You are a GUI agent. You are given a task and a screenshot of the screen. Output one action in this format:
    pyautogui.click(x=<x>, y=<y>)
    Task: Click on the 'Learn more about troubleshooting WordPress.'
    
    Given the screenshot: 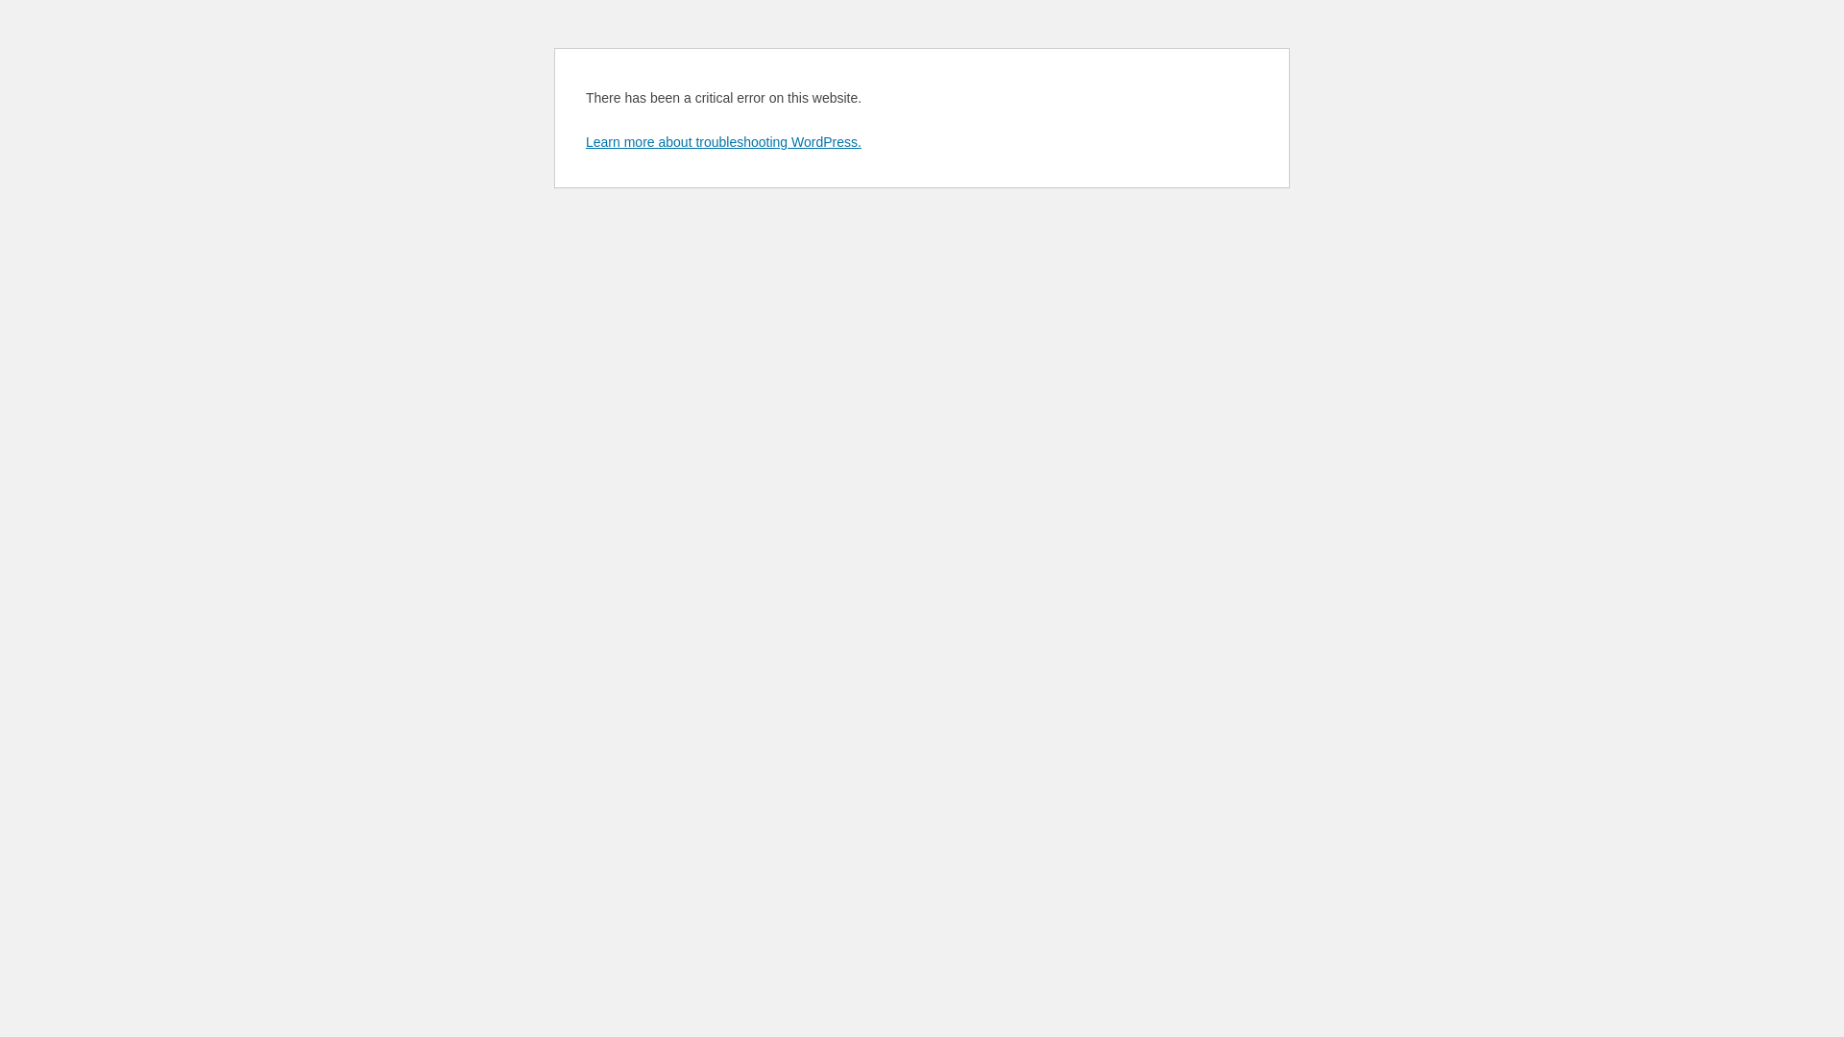 What is the action you would take?
    pyautogui.click(x=722, y=140)
    